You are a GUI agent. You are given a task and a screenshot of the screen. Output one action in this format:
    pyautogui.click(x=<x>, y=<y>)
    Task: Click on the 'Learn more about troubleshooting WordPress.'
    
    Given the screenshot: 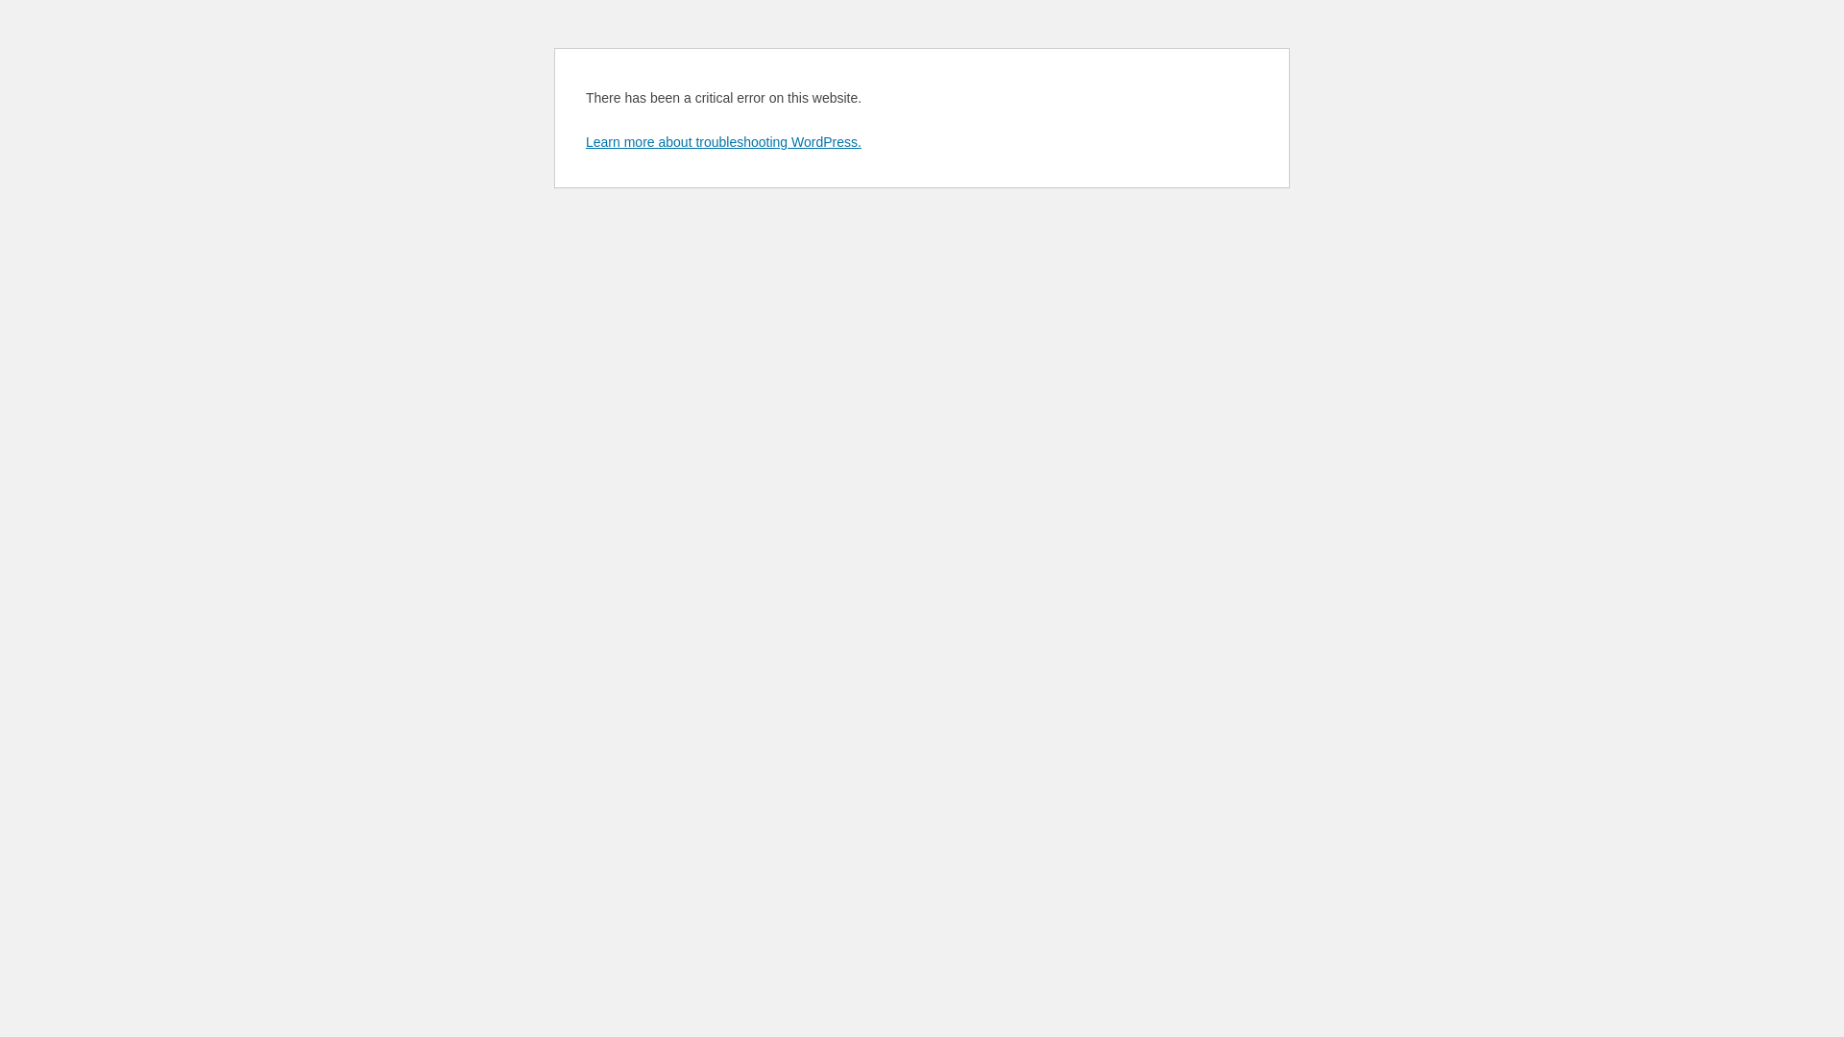 What is the action you would take?
    pyautogui.click(x=722, y=140)
    